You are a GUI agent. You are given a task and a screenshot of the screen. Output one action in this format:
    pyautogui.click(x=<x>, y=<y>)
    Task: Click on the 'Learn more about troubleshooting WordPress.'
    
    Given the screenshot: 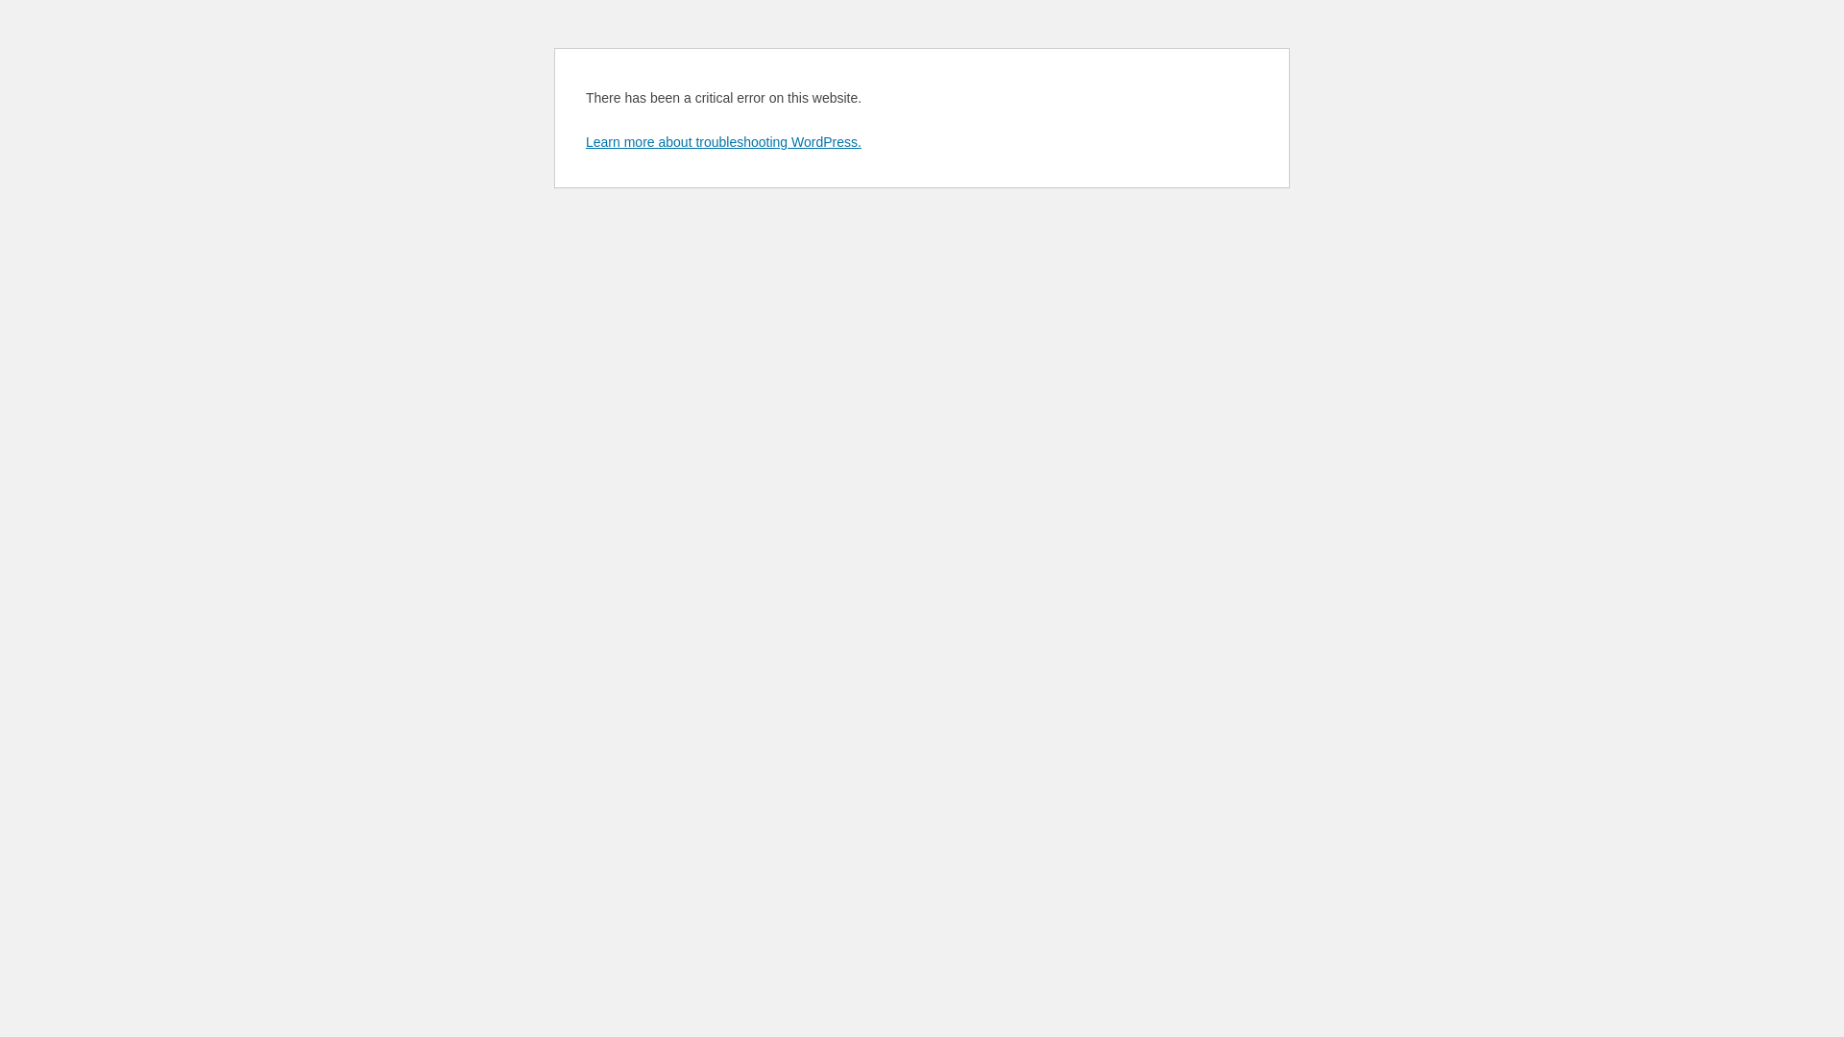 What is the action you would take?
    pyautogui.click(x=722, y=140)
    